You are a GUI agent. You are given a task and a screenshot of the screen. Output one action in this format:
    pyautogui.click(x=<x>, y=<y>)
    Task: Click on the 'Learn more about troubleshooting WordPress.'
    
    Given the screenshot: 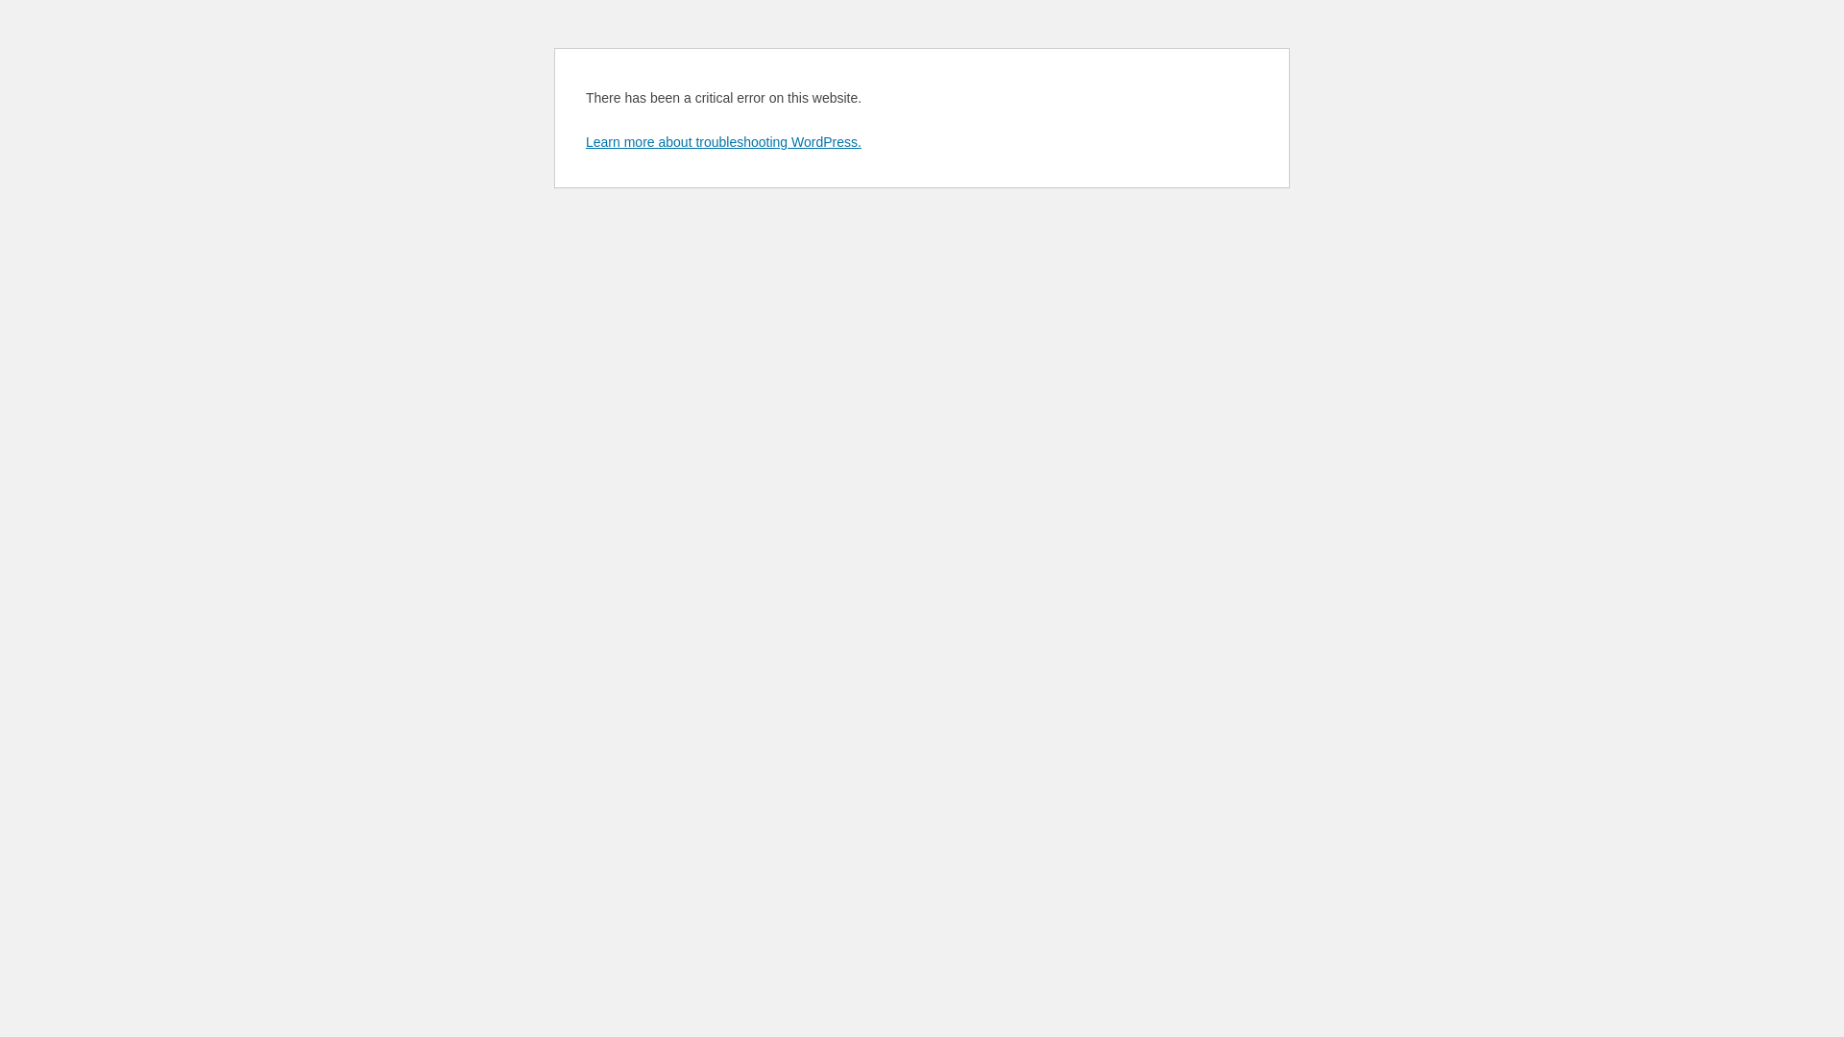 What is the action you would take?
    pyautogui.click(x=722, y=140)
    